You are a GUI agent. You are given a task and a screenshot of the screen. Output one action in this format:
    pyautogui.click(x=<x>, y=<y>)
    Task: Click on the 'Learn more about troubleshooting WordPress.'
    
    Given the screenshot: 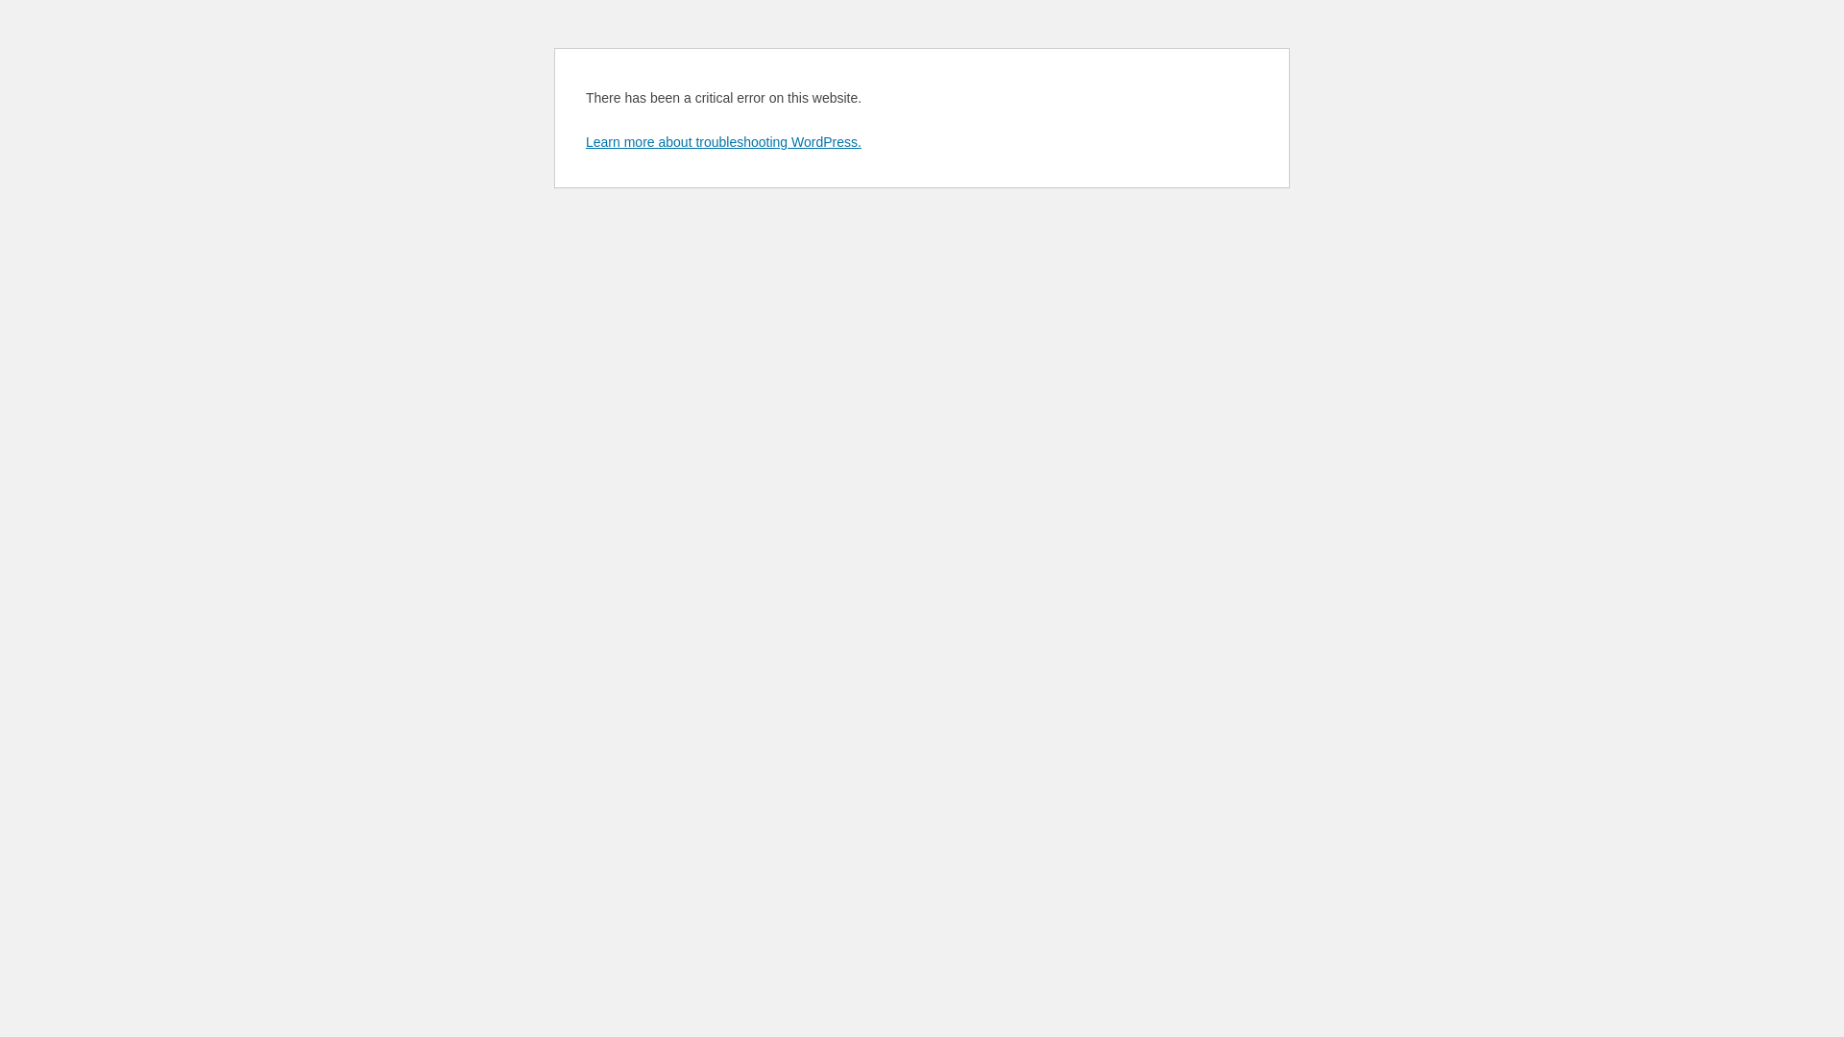 What is the action you would take?
    pyautogui.click(x=722, y=140)
    